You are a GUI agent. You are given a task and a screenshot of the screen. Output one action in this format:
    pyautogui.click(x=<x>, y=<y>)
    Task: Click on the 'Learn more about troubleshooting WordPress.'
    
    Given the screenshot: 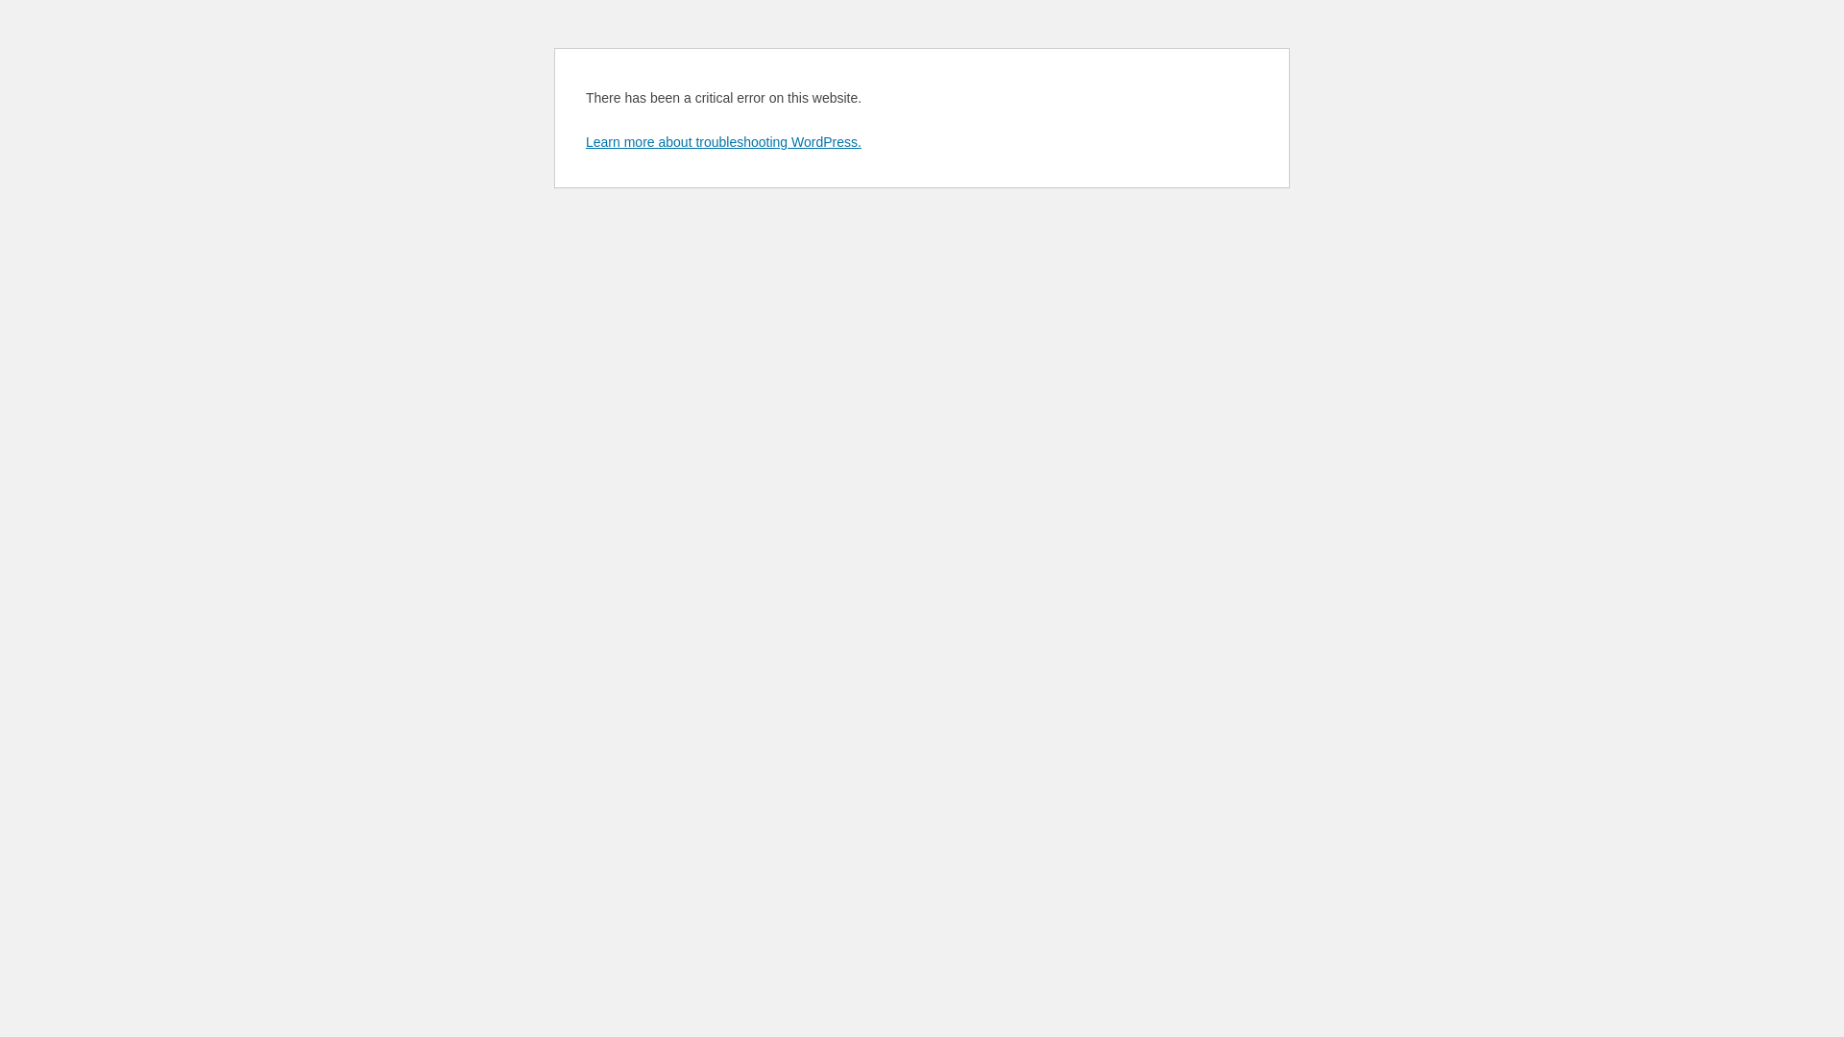 What is the action you would take?
    pyautogui.click(x=722, y=140)
    